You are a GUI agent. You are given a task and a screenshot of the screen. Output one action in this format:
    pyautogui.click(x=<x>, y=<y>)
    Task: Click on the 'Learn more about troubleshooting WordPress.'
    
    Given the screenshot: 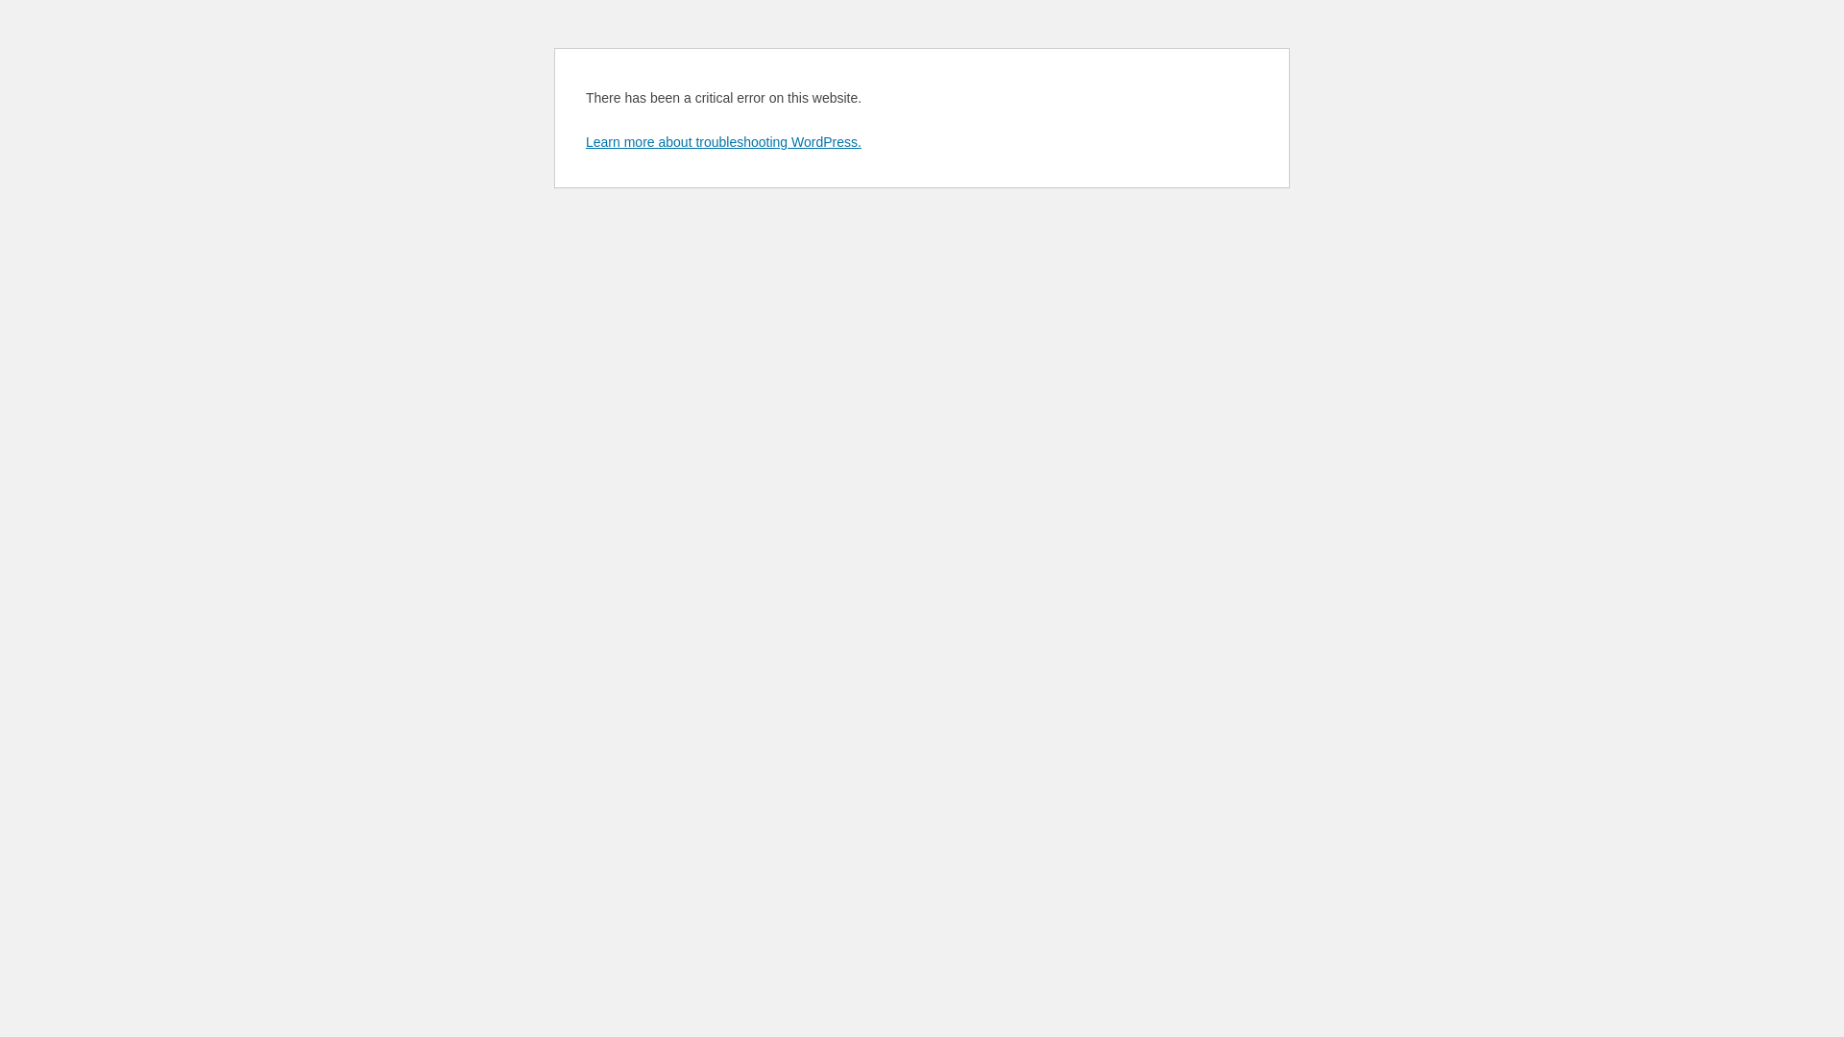 What is the action you would take?
    pyautogui.click(x=722, y=140)
    